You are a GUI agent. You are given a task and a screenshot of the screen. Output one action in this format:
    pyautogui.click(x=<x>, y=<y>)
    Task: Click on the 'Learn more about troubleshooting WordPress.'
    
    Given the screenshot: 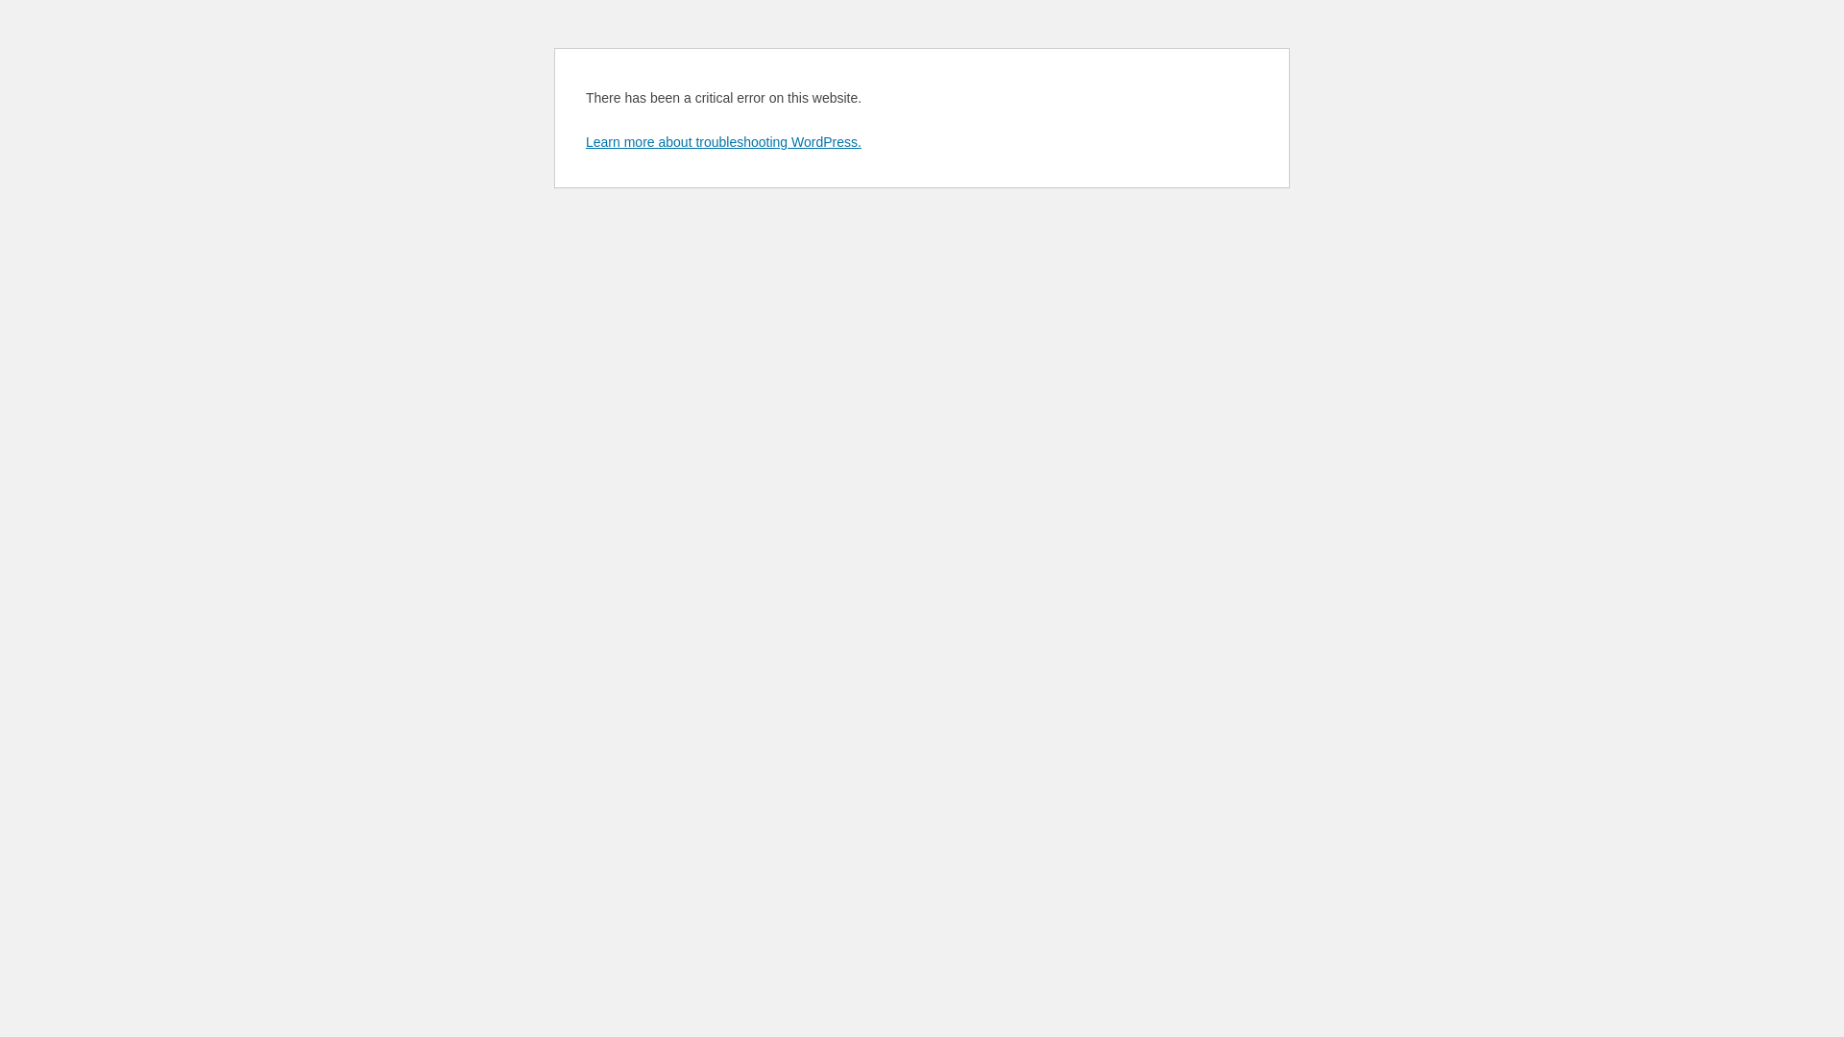 What is the action you would take?
    pyautogui.click(x=722, y=140)
    